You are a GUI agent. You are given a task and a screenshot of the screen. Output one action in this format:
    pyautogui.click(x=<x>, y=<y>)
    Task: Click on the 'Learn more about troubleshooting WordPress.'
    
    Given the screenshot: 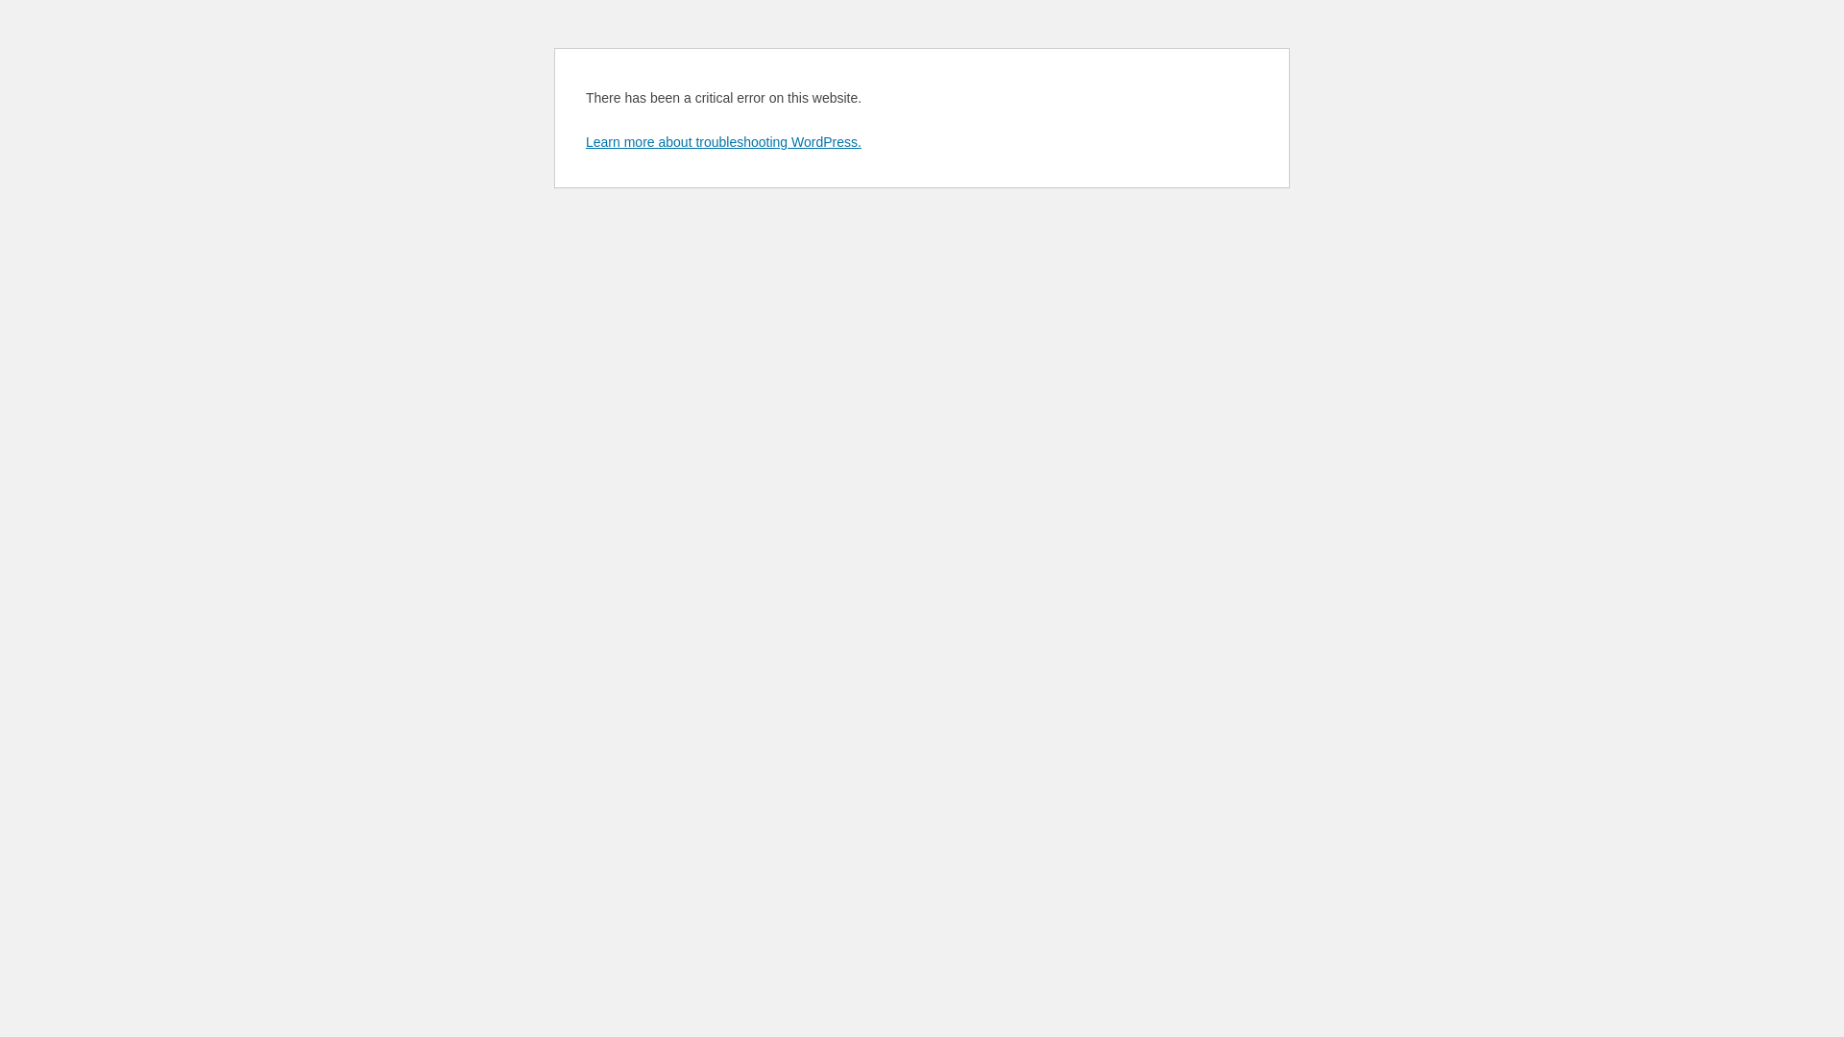 What is the action you would take?
    pyautogui.click(x=722, y=140)
    